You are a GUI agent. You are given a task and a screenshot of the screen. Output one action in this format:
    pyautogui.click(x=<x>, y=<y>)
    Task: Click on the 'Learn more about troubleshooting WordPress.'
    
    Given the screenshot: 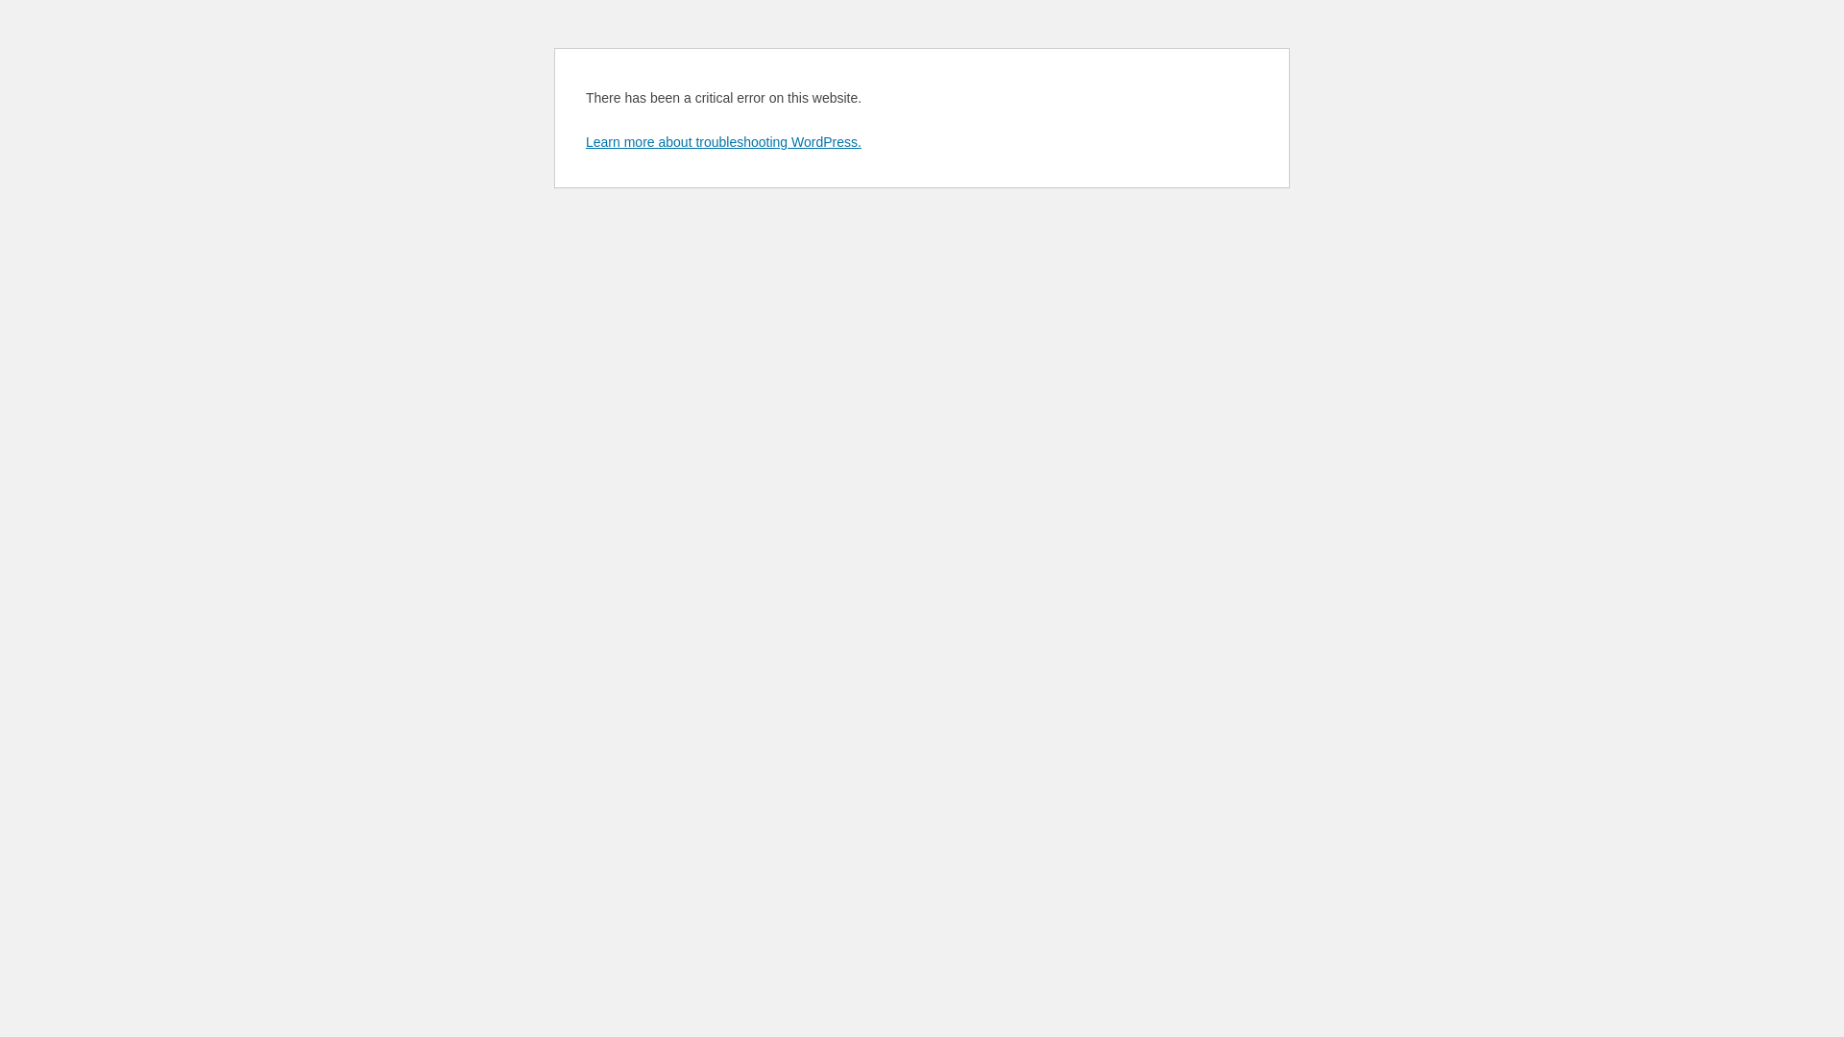 What is the action you would take?
    pyautogui.click(x=722, y=140)
    